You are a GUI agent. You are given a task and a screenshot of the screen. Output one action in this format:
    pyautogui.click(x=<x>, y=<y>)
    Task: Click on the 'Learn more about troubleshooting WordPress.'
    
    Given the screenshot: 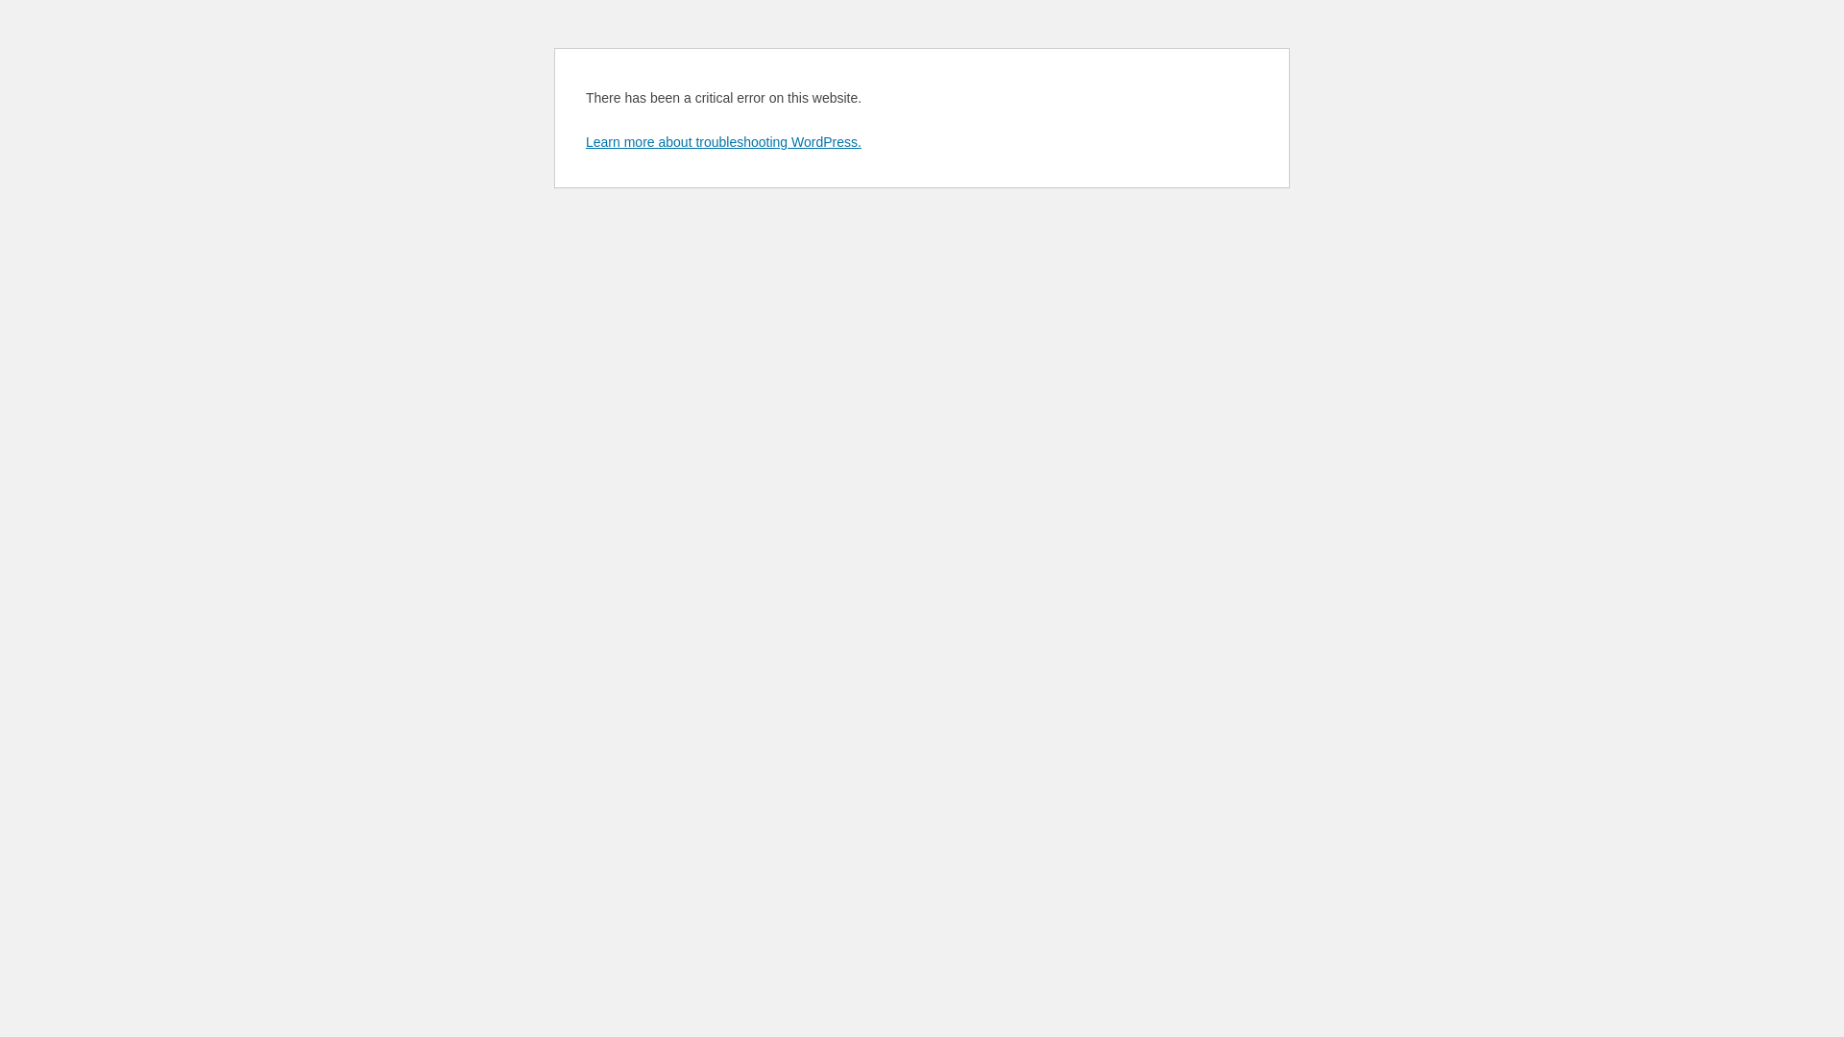 What is the action you would take?
    pyautogui.click(x=722, y=140)
    